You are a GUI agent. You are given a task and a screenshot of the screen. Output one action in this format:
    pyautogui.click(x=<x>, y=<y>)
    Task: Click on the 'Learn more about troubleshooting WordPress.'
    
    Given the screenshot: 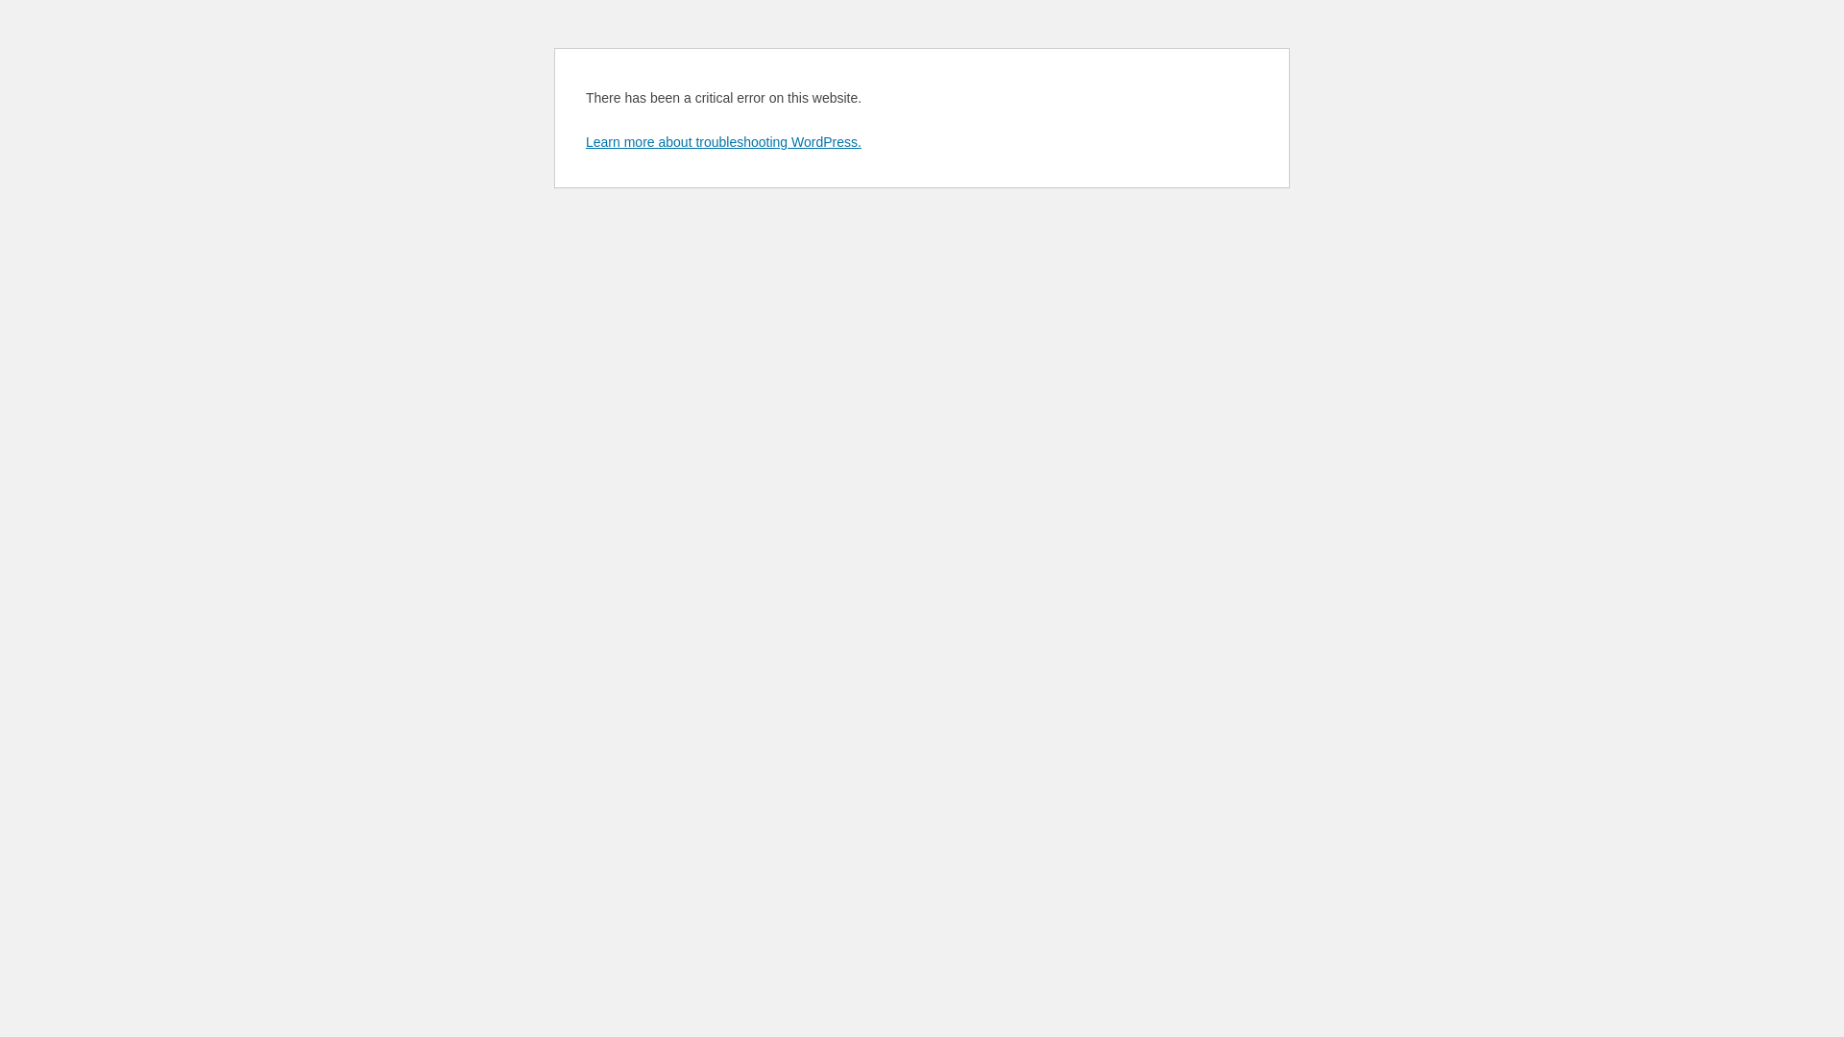 What is the action you would take?
    pyautogui.click(x=722, y=140)
    